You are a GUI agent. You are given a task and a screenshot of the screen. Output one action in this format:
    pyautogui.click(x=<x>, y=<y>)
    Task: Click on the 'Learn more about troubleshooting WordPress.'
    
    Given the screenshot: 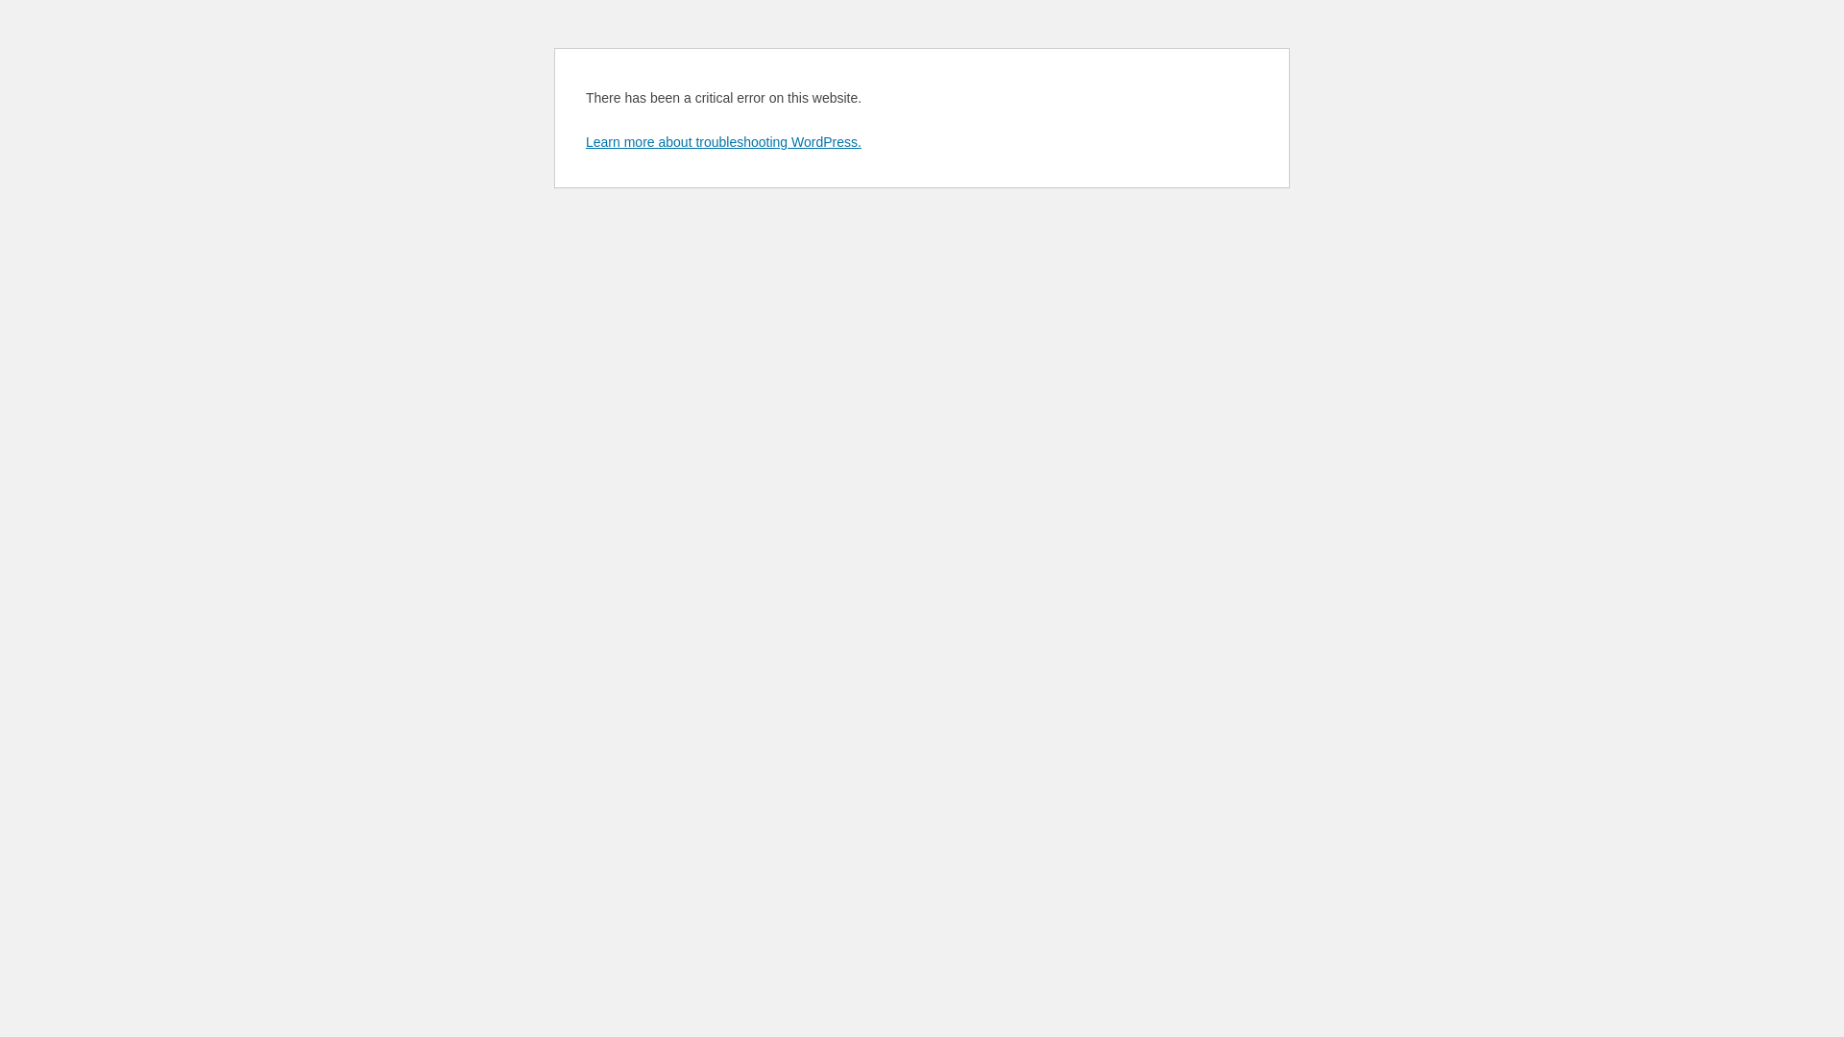 What is the action you would take?
    pyautogui.click(x=722, y=140)
    